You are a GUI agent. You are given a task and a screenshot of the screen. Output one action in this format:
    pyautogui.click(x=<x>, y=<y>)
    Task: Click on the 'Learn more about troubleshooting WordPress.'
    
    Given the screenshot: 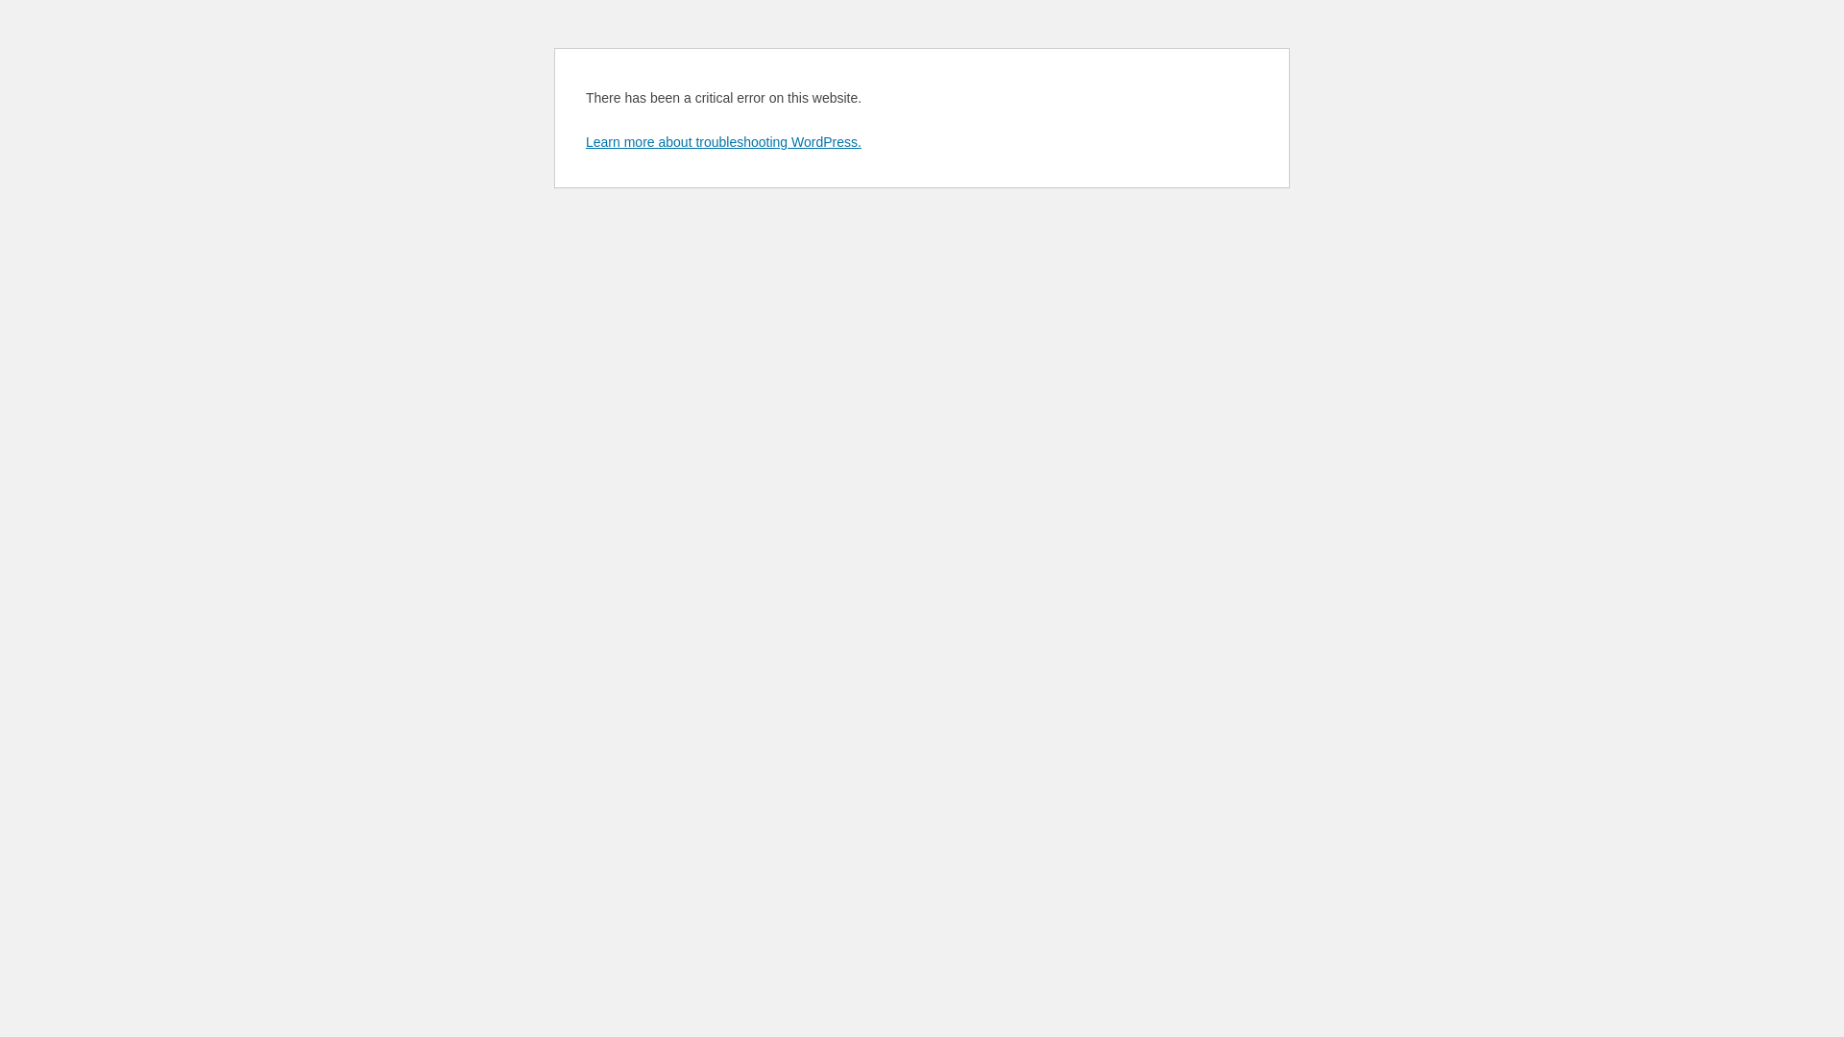 What is the action you would take?
    pyautogui.click(x=722, y=140)
    